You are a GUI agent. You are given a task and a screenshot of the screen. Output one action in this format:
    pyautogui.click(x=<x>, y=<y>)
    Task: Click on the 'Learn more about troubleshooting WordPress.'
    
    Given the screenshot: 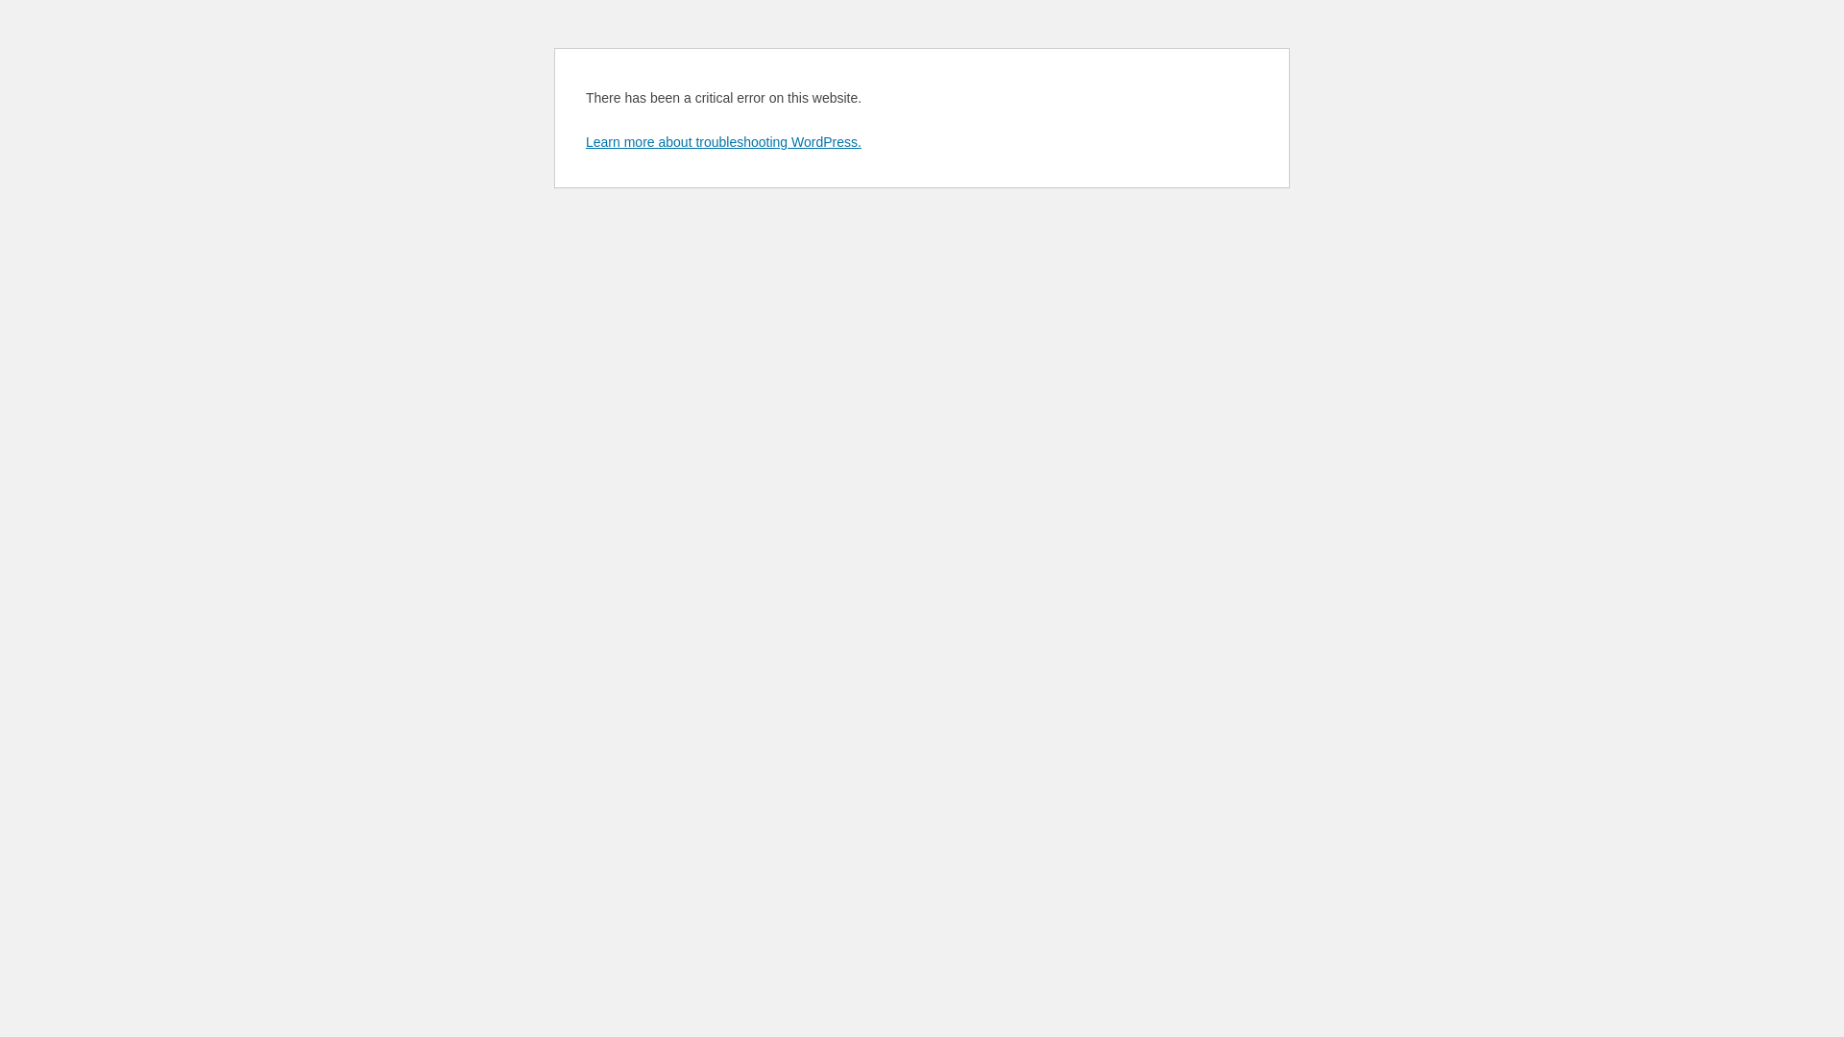 What is the action you would take?
    pyautogui.click(x=722, y=140)
    